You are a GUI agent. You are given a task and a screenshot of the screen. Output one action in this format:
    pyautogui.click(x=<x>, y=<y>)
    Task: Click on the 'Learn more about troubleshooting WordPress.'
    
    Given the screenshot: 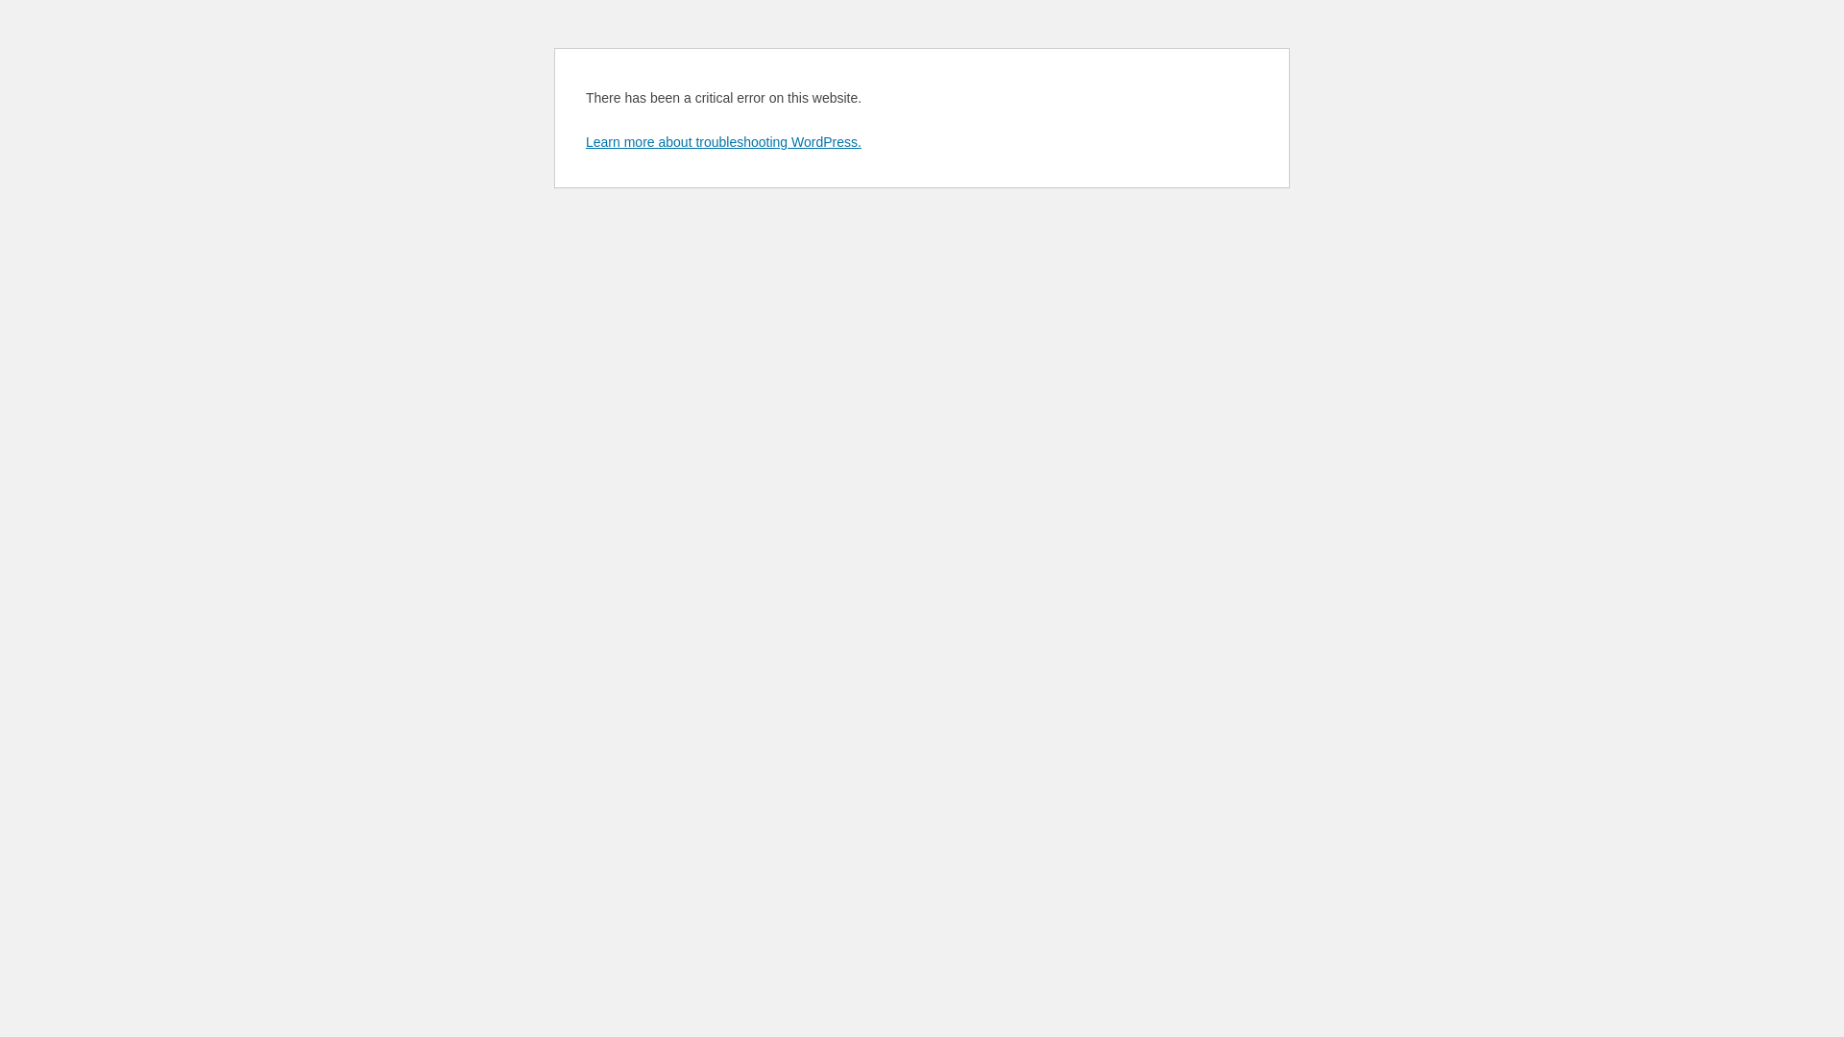 What is the action you would take?
    pyautogui.click(x=722, y=140)
    